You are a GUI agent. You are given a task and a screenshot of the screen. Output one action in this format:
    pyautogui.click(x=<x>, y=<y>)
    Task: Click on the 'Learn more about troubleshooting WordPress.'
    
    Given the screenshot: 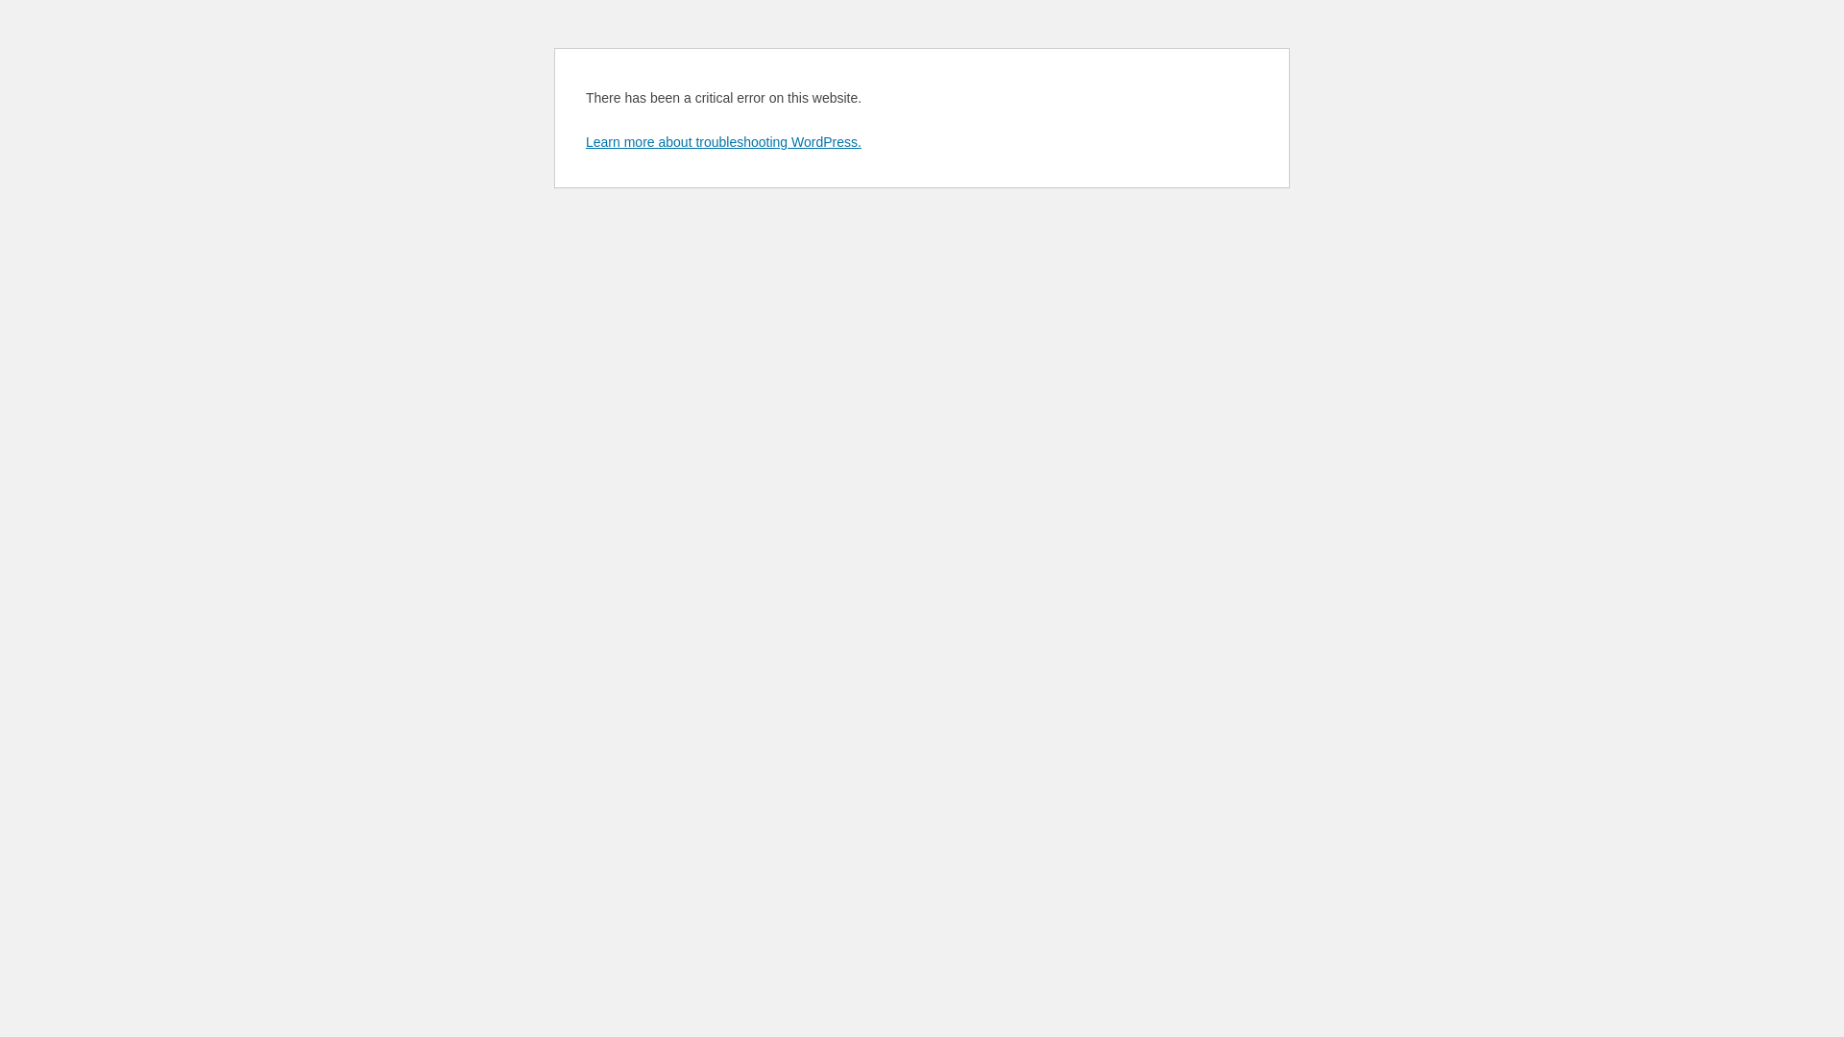 What is the action you would take?
    pyautogui.click(x=722, y=140)
    